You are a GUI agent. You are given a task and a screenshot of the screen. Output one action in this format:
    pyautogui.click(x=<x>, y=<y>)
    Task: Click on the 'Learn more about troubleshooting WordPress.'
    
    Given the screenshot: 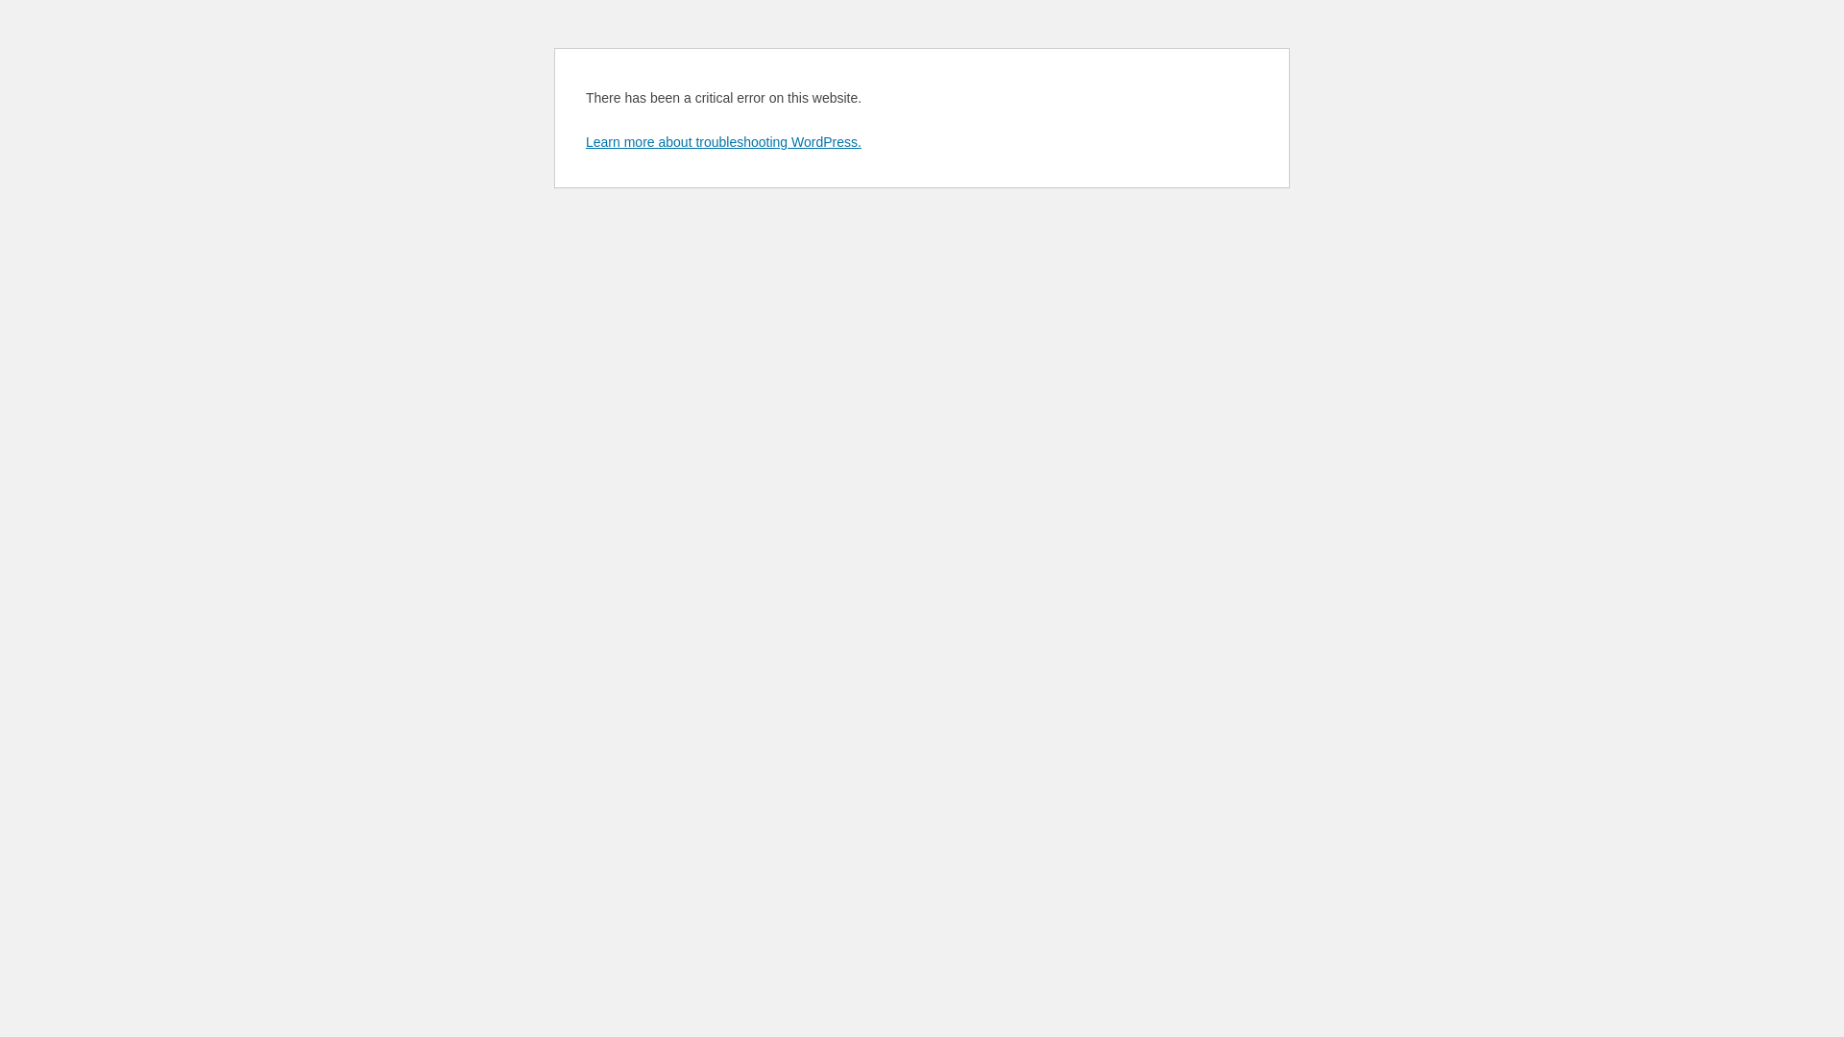 What is the action you would take?
    pyautogui.click(x=722, y=140)
    